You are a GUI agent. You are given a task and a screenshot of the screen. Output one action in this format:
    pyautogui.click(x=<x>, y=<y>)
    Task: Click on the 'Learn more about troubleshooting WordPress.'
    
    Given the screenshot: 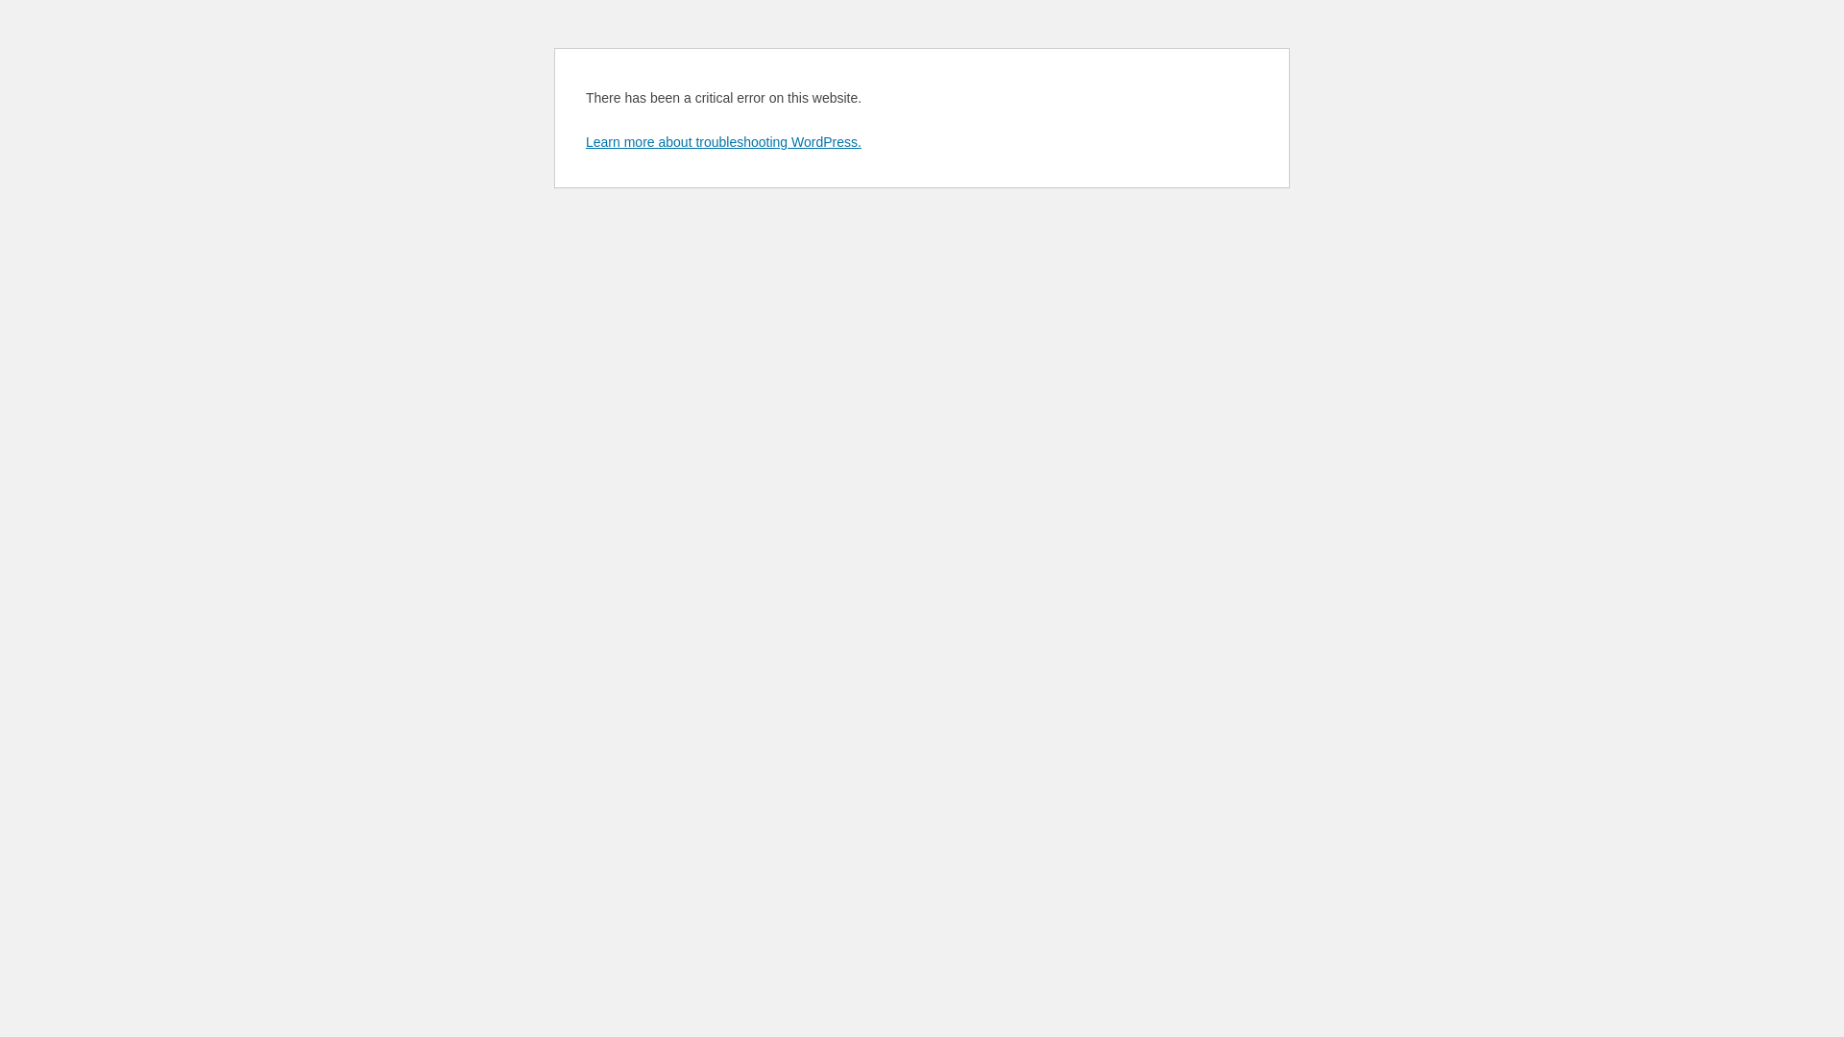 What is the action you would take?
    pyautogui.click(x=722, y=140)
    